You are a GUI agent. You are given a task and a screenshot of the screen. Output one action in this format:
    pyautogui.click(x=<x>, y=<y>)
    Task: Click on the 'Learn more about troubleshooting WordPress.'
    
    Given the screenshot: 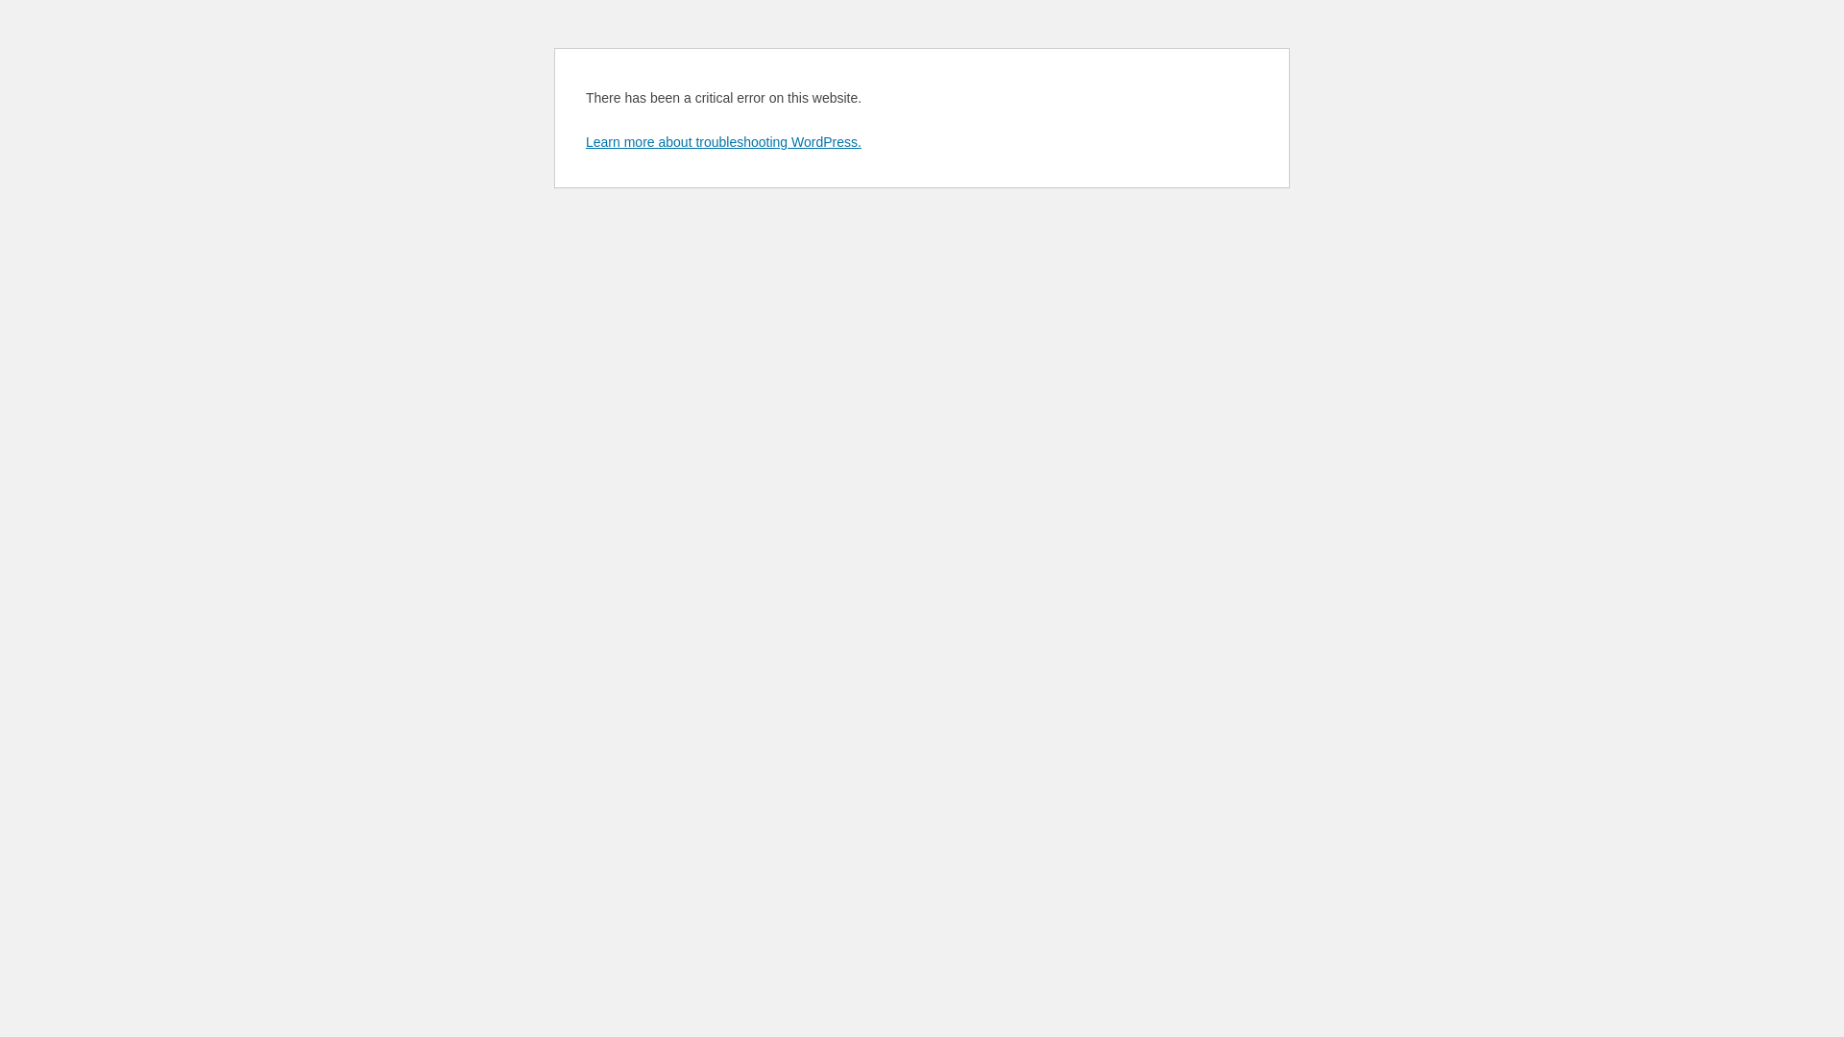 What is the action you would take?
    pyautogui.click(x=722, y=140)
    